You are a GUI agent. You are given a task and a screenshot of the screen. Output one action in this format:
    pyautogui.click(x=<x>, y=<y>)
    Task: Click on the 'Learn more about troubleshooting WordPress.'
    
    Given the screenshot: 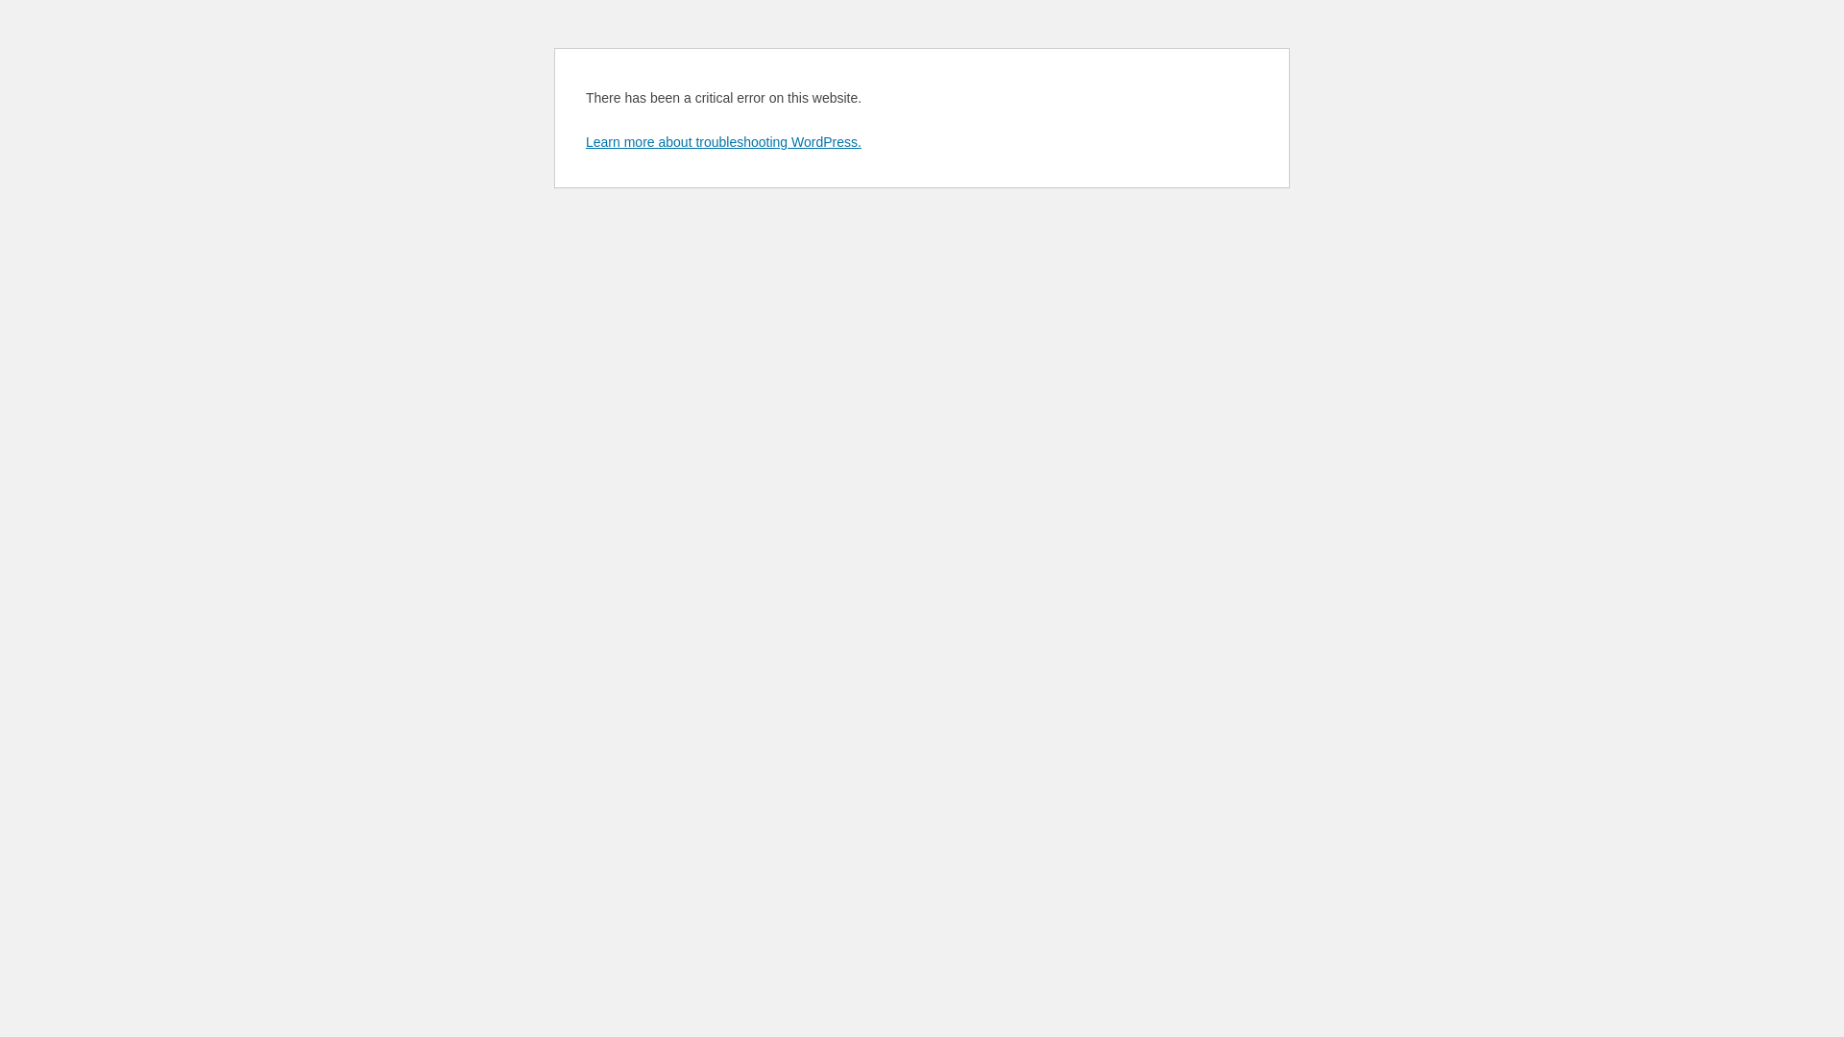 What is the action you would take?
    pyautogui.click(x=722, y=140)
    